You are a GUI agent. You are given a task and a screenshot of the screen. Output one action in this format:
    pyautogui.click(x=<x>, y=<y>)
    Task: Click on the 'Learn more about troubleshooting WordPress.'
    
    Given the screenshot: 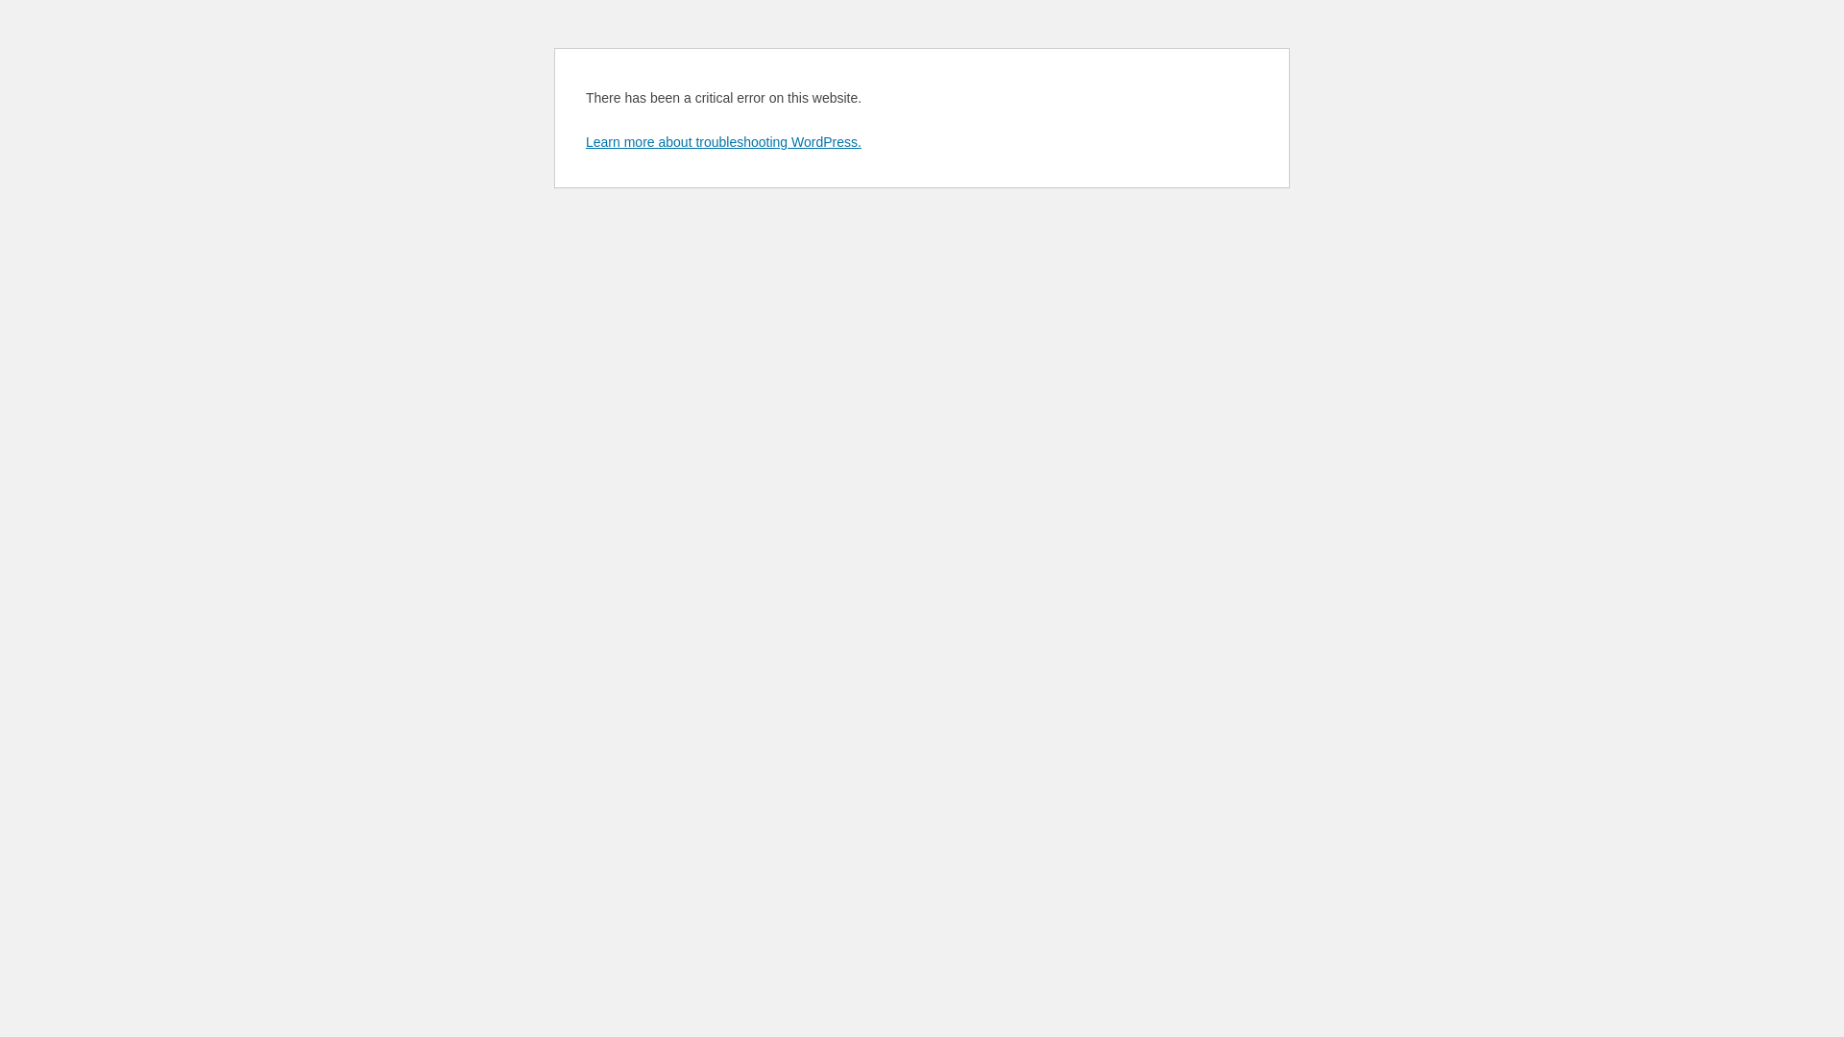 What is the action you would take?
    pyautogui.click(x=722, y=140)
    